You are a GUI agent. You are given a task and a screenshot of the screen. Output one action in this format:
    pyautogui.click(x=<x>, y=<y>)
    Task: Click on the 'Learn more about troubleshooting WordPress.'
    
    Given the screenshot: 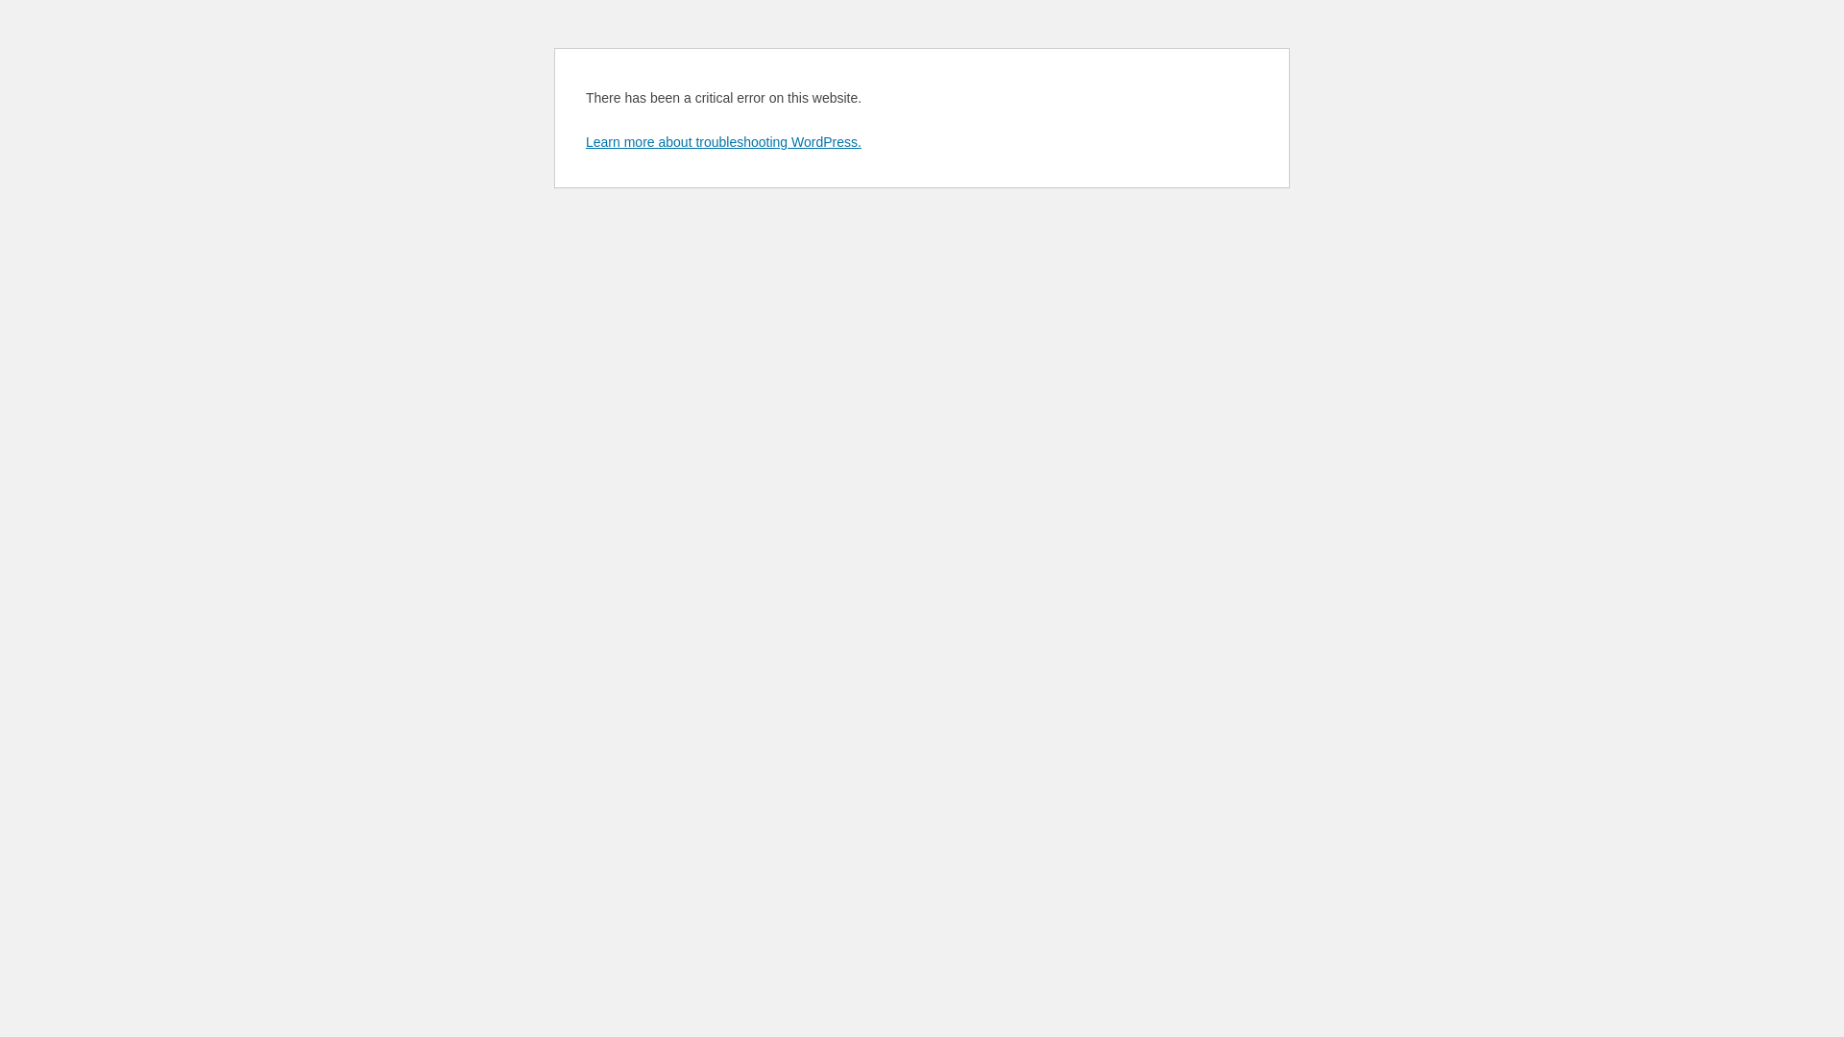 What is the action you would take?
    pyautogui.click(x=722, y=140)
    